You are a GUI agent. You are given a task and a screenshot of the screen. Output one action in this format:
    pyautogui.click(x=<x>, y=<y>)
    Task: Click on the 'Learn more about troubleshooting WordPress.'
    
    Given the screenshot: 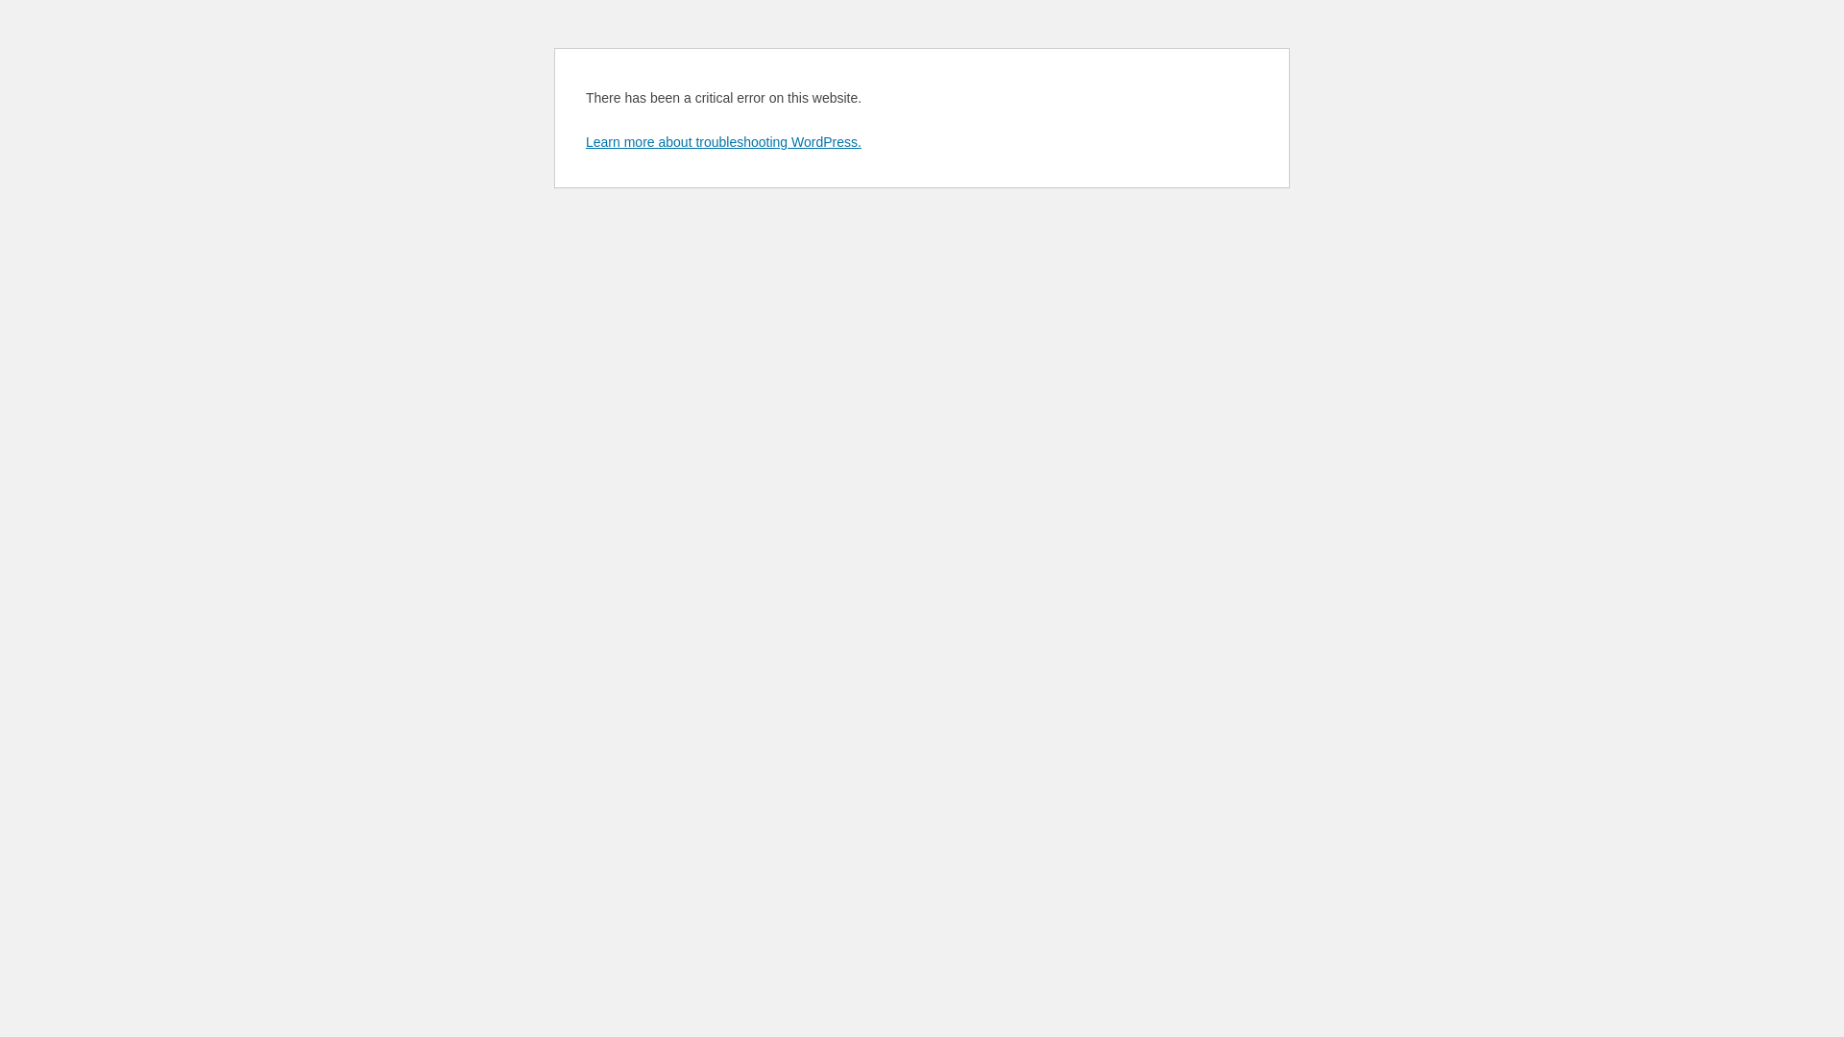 What is the action you would take?
    pyautogui.click(x=722, y=140)
    